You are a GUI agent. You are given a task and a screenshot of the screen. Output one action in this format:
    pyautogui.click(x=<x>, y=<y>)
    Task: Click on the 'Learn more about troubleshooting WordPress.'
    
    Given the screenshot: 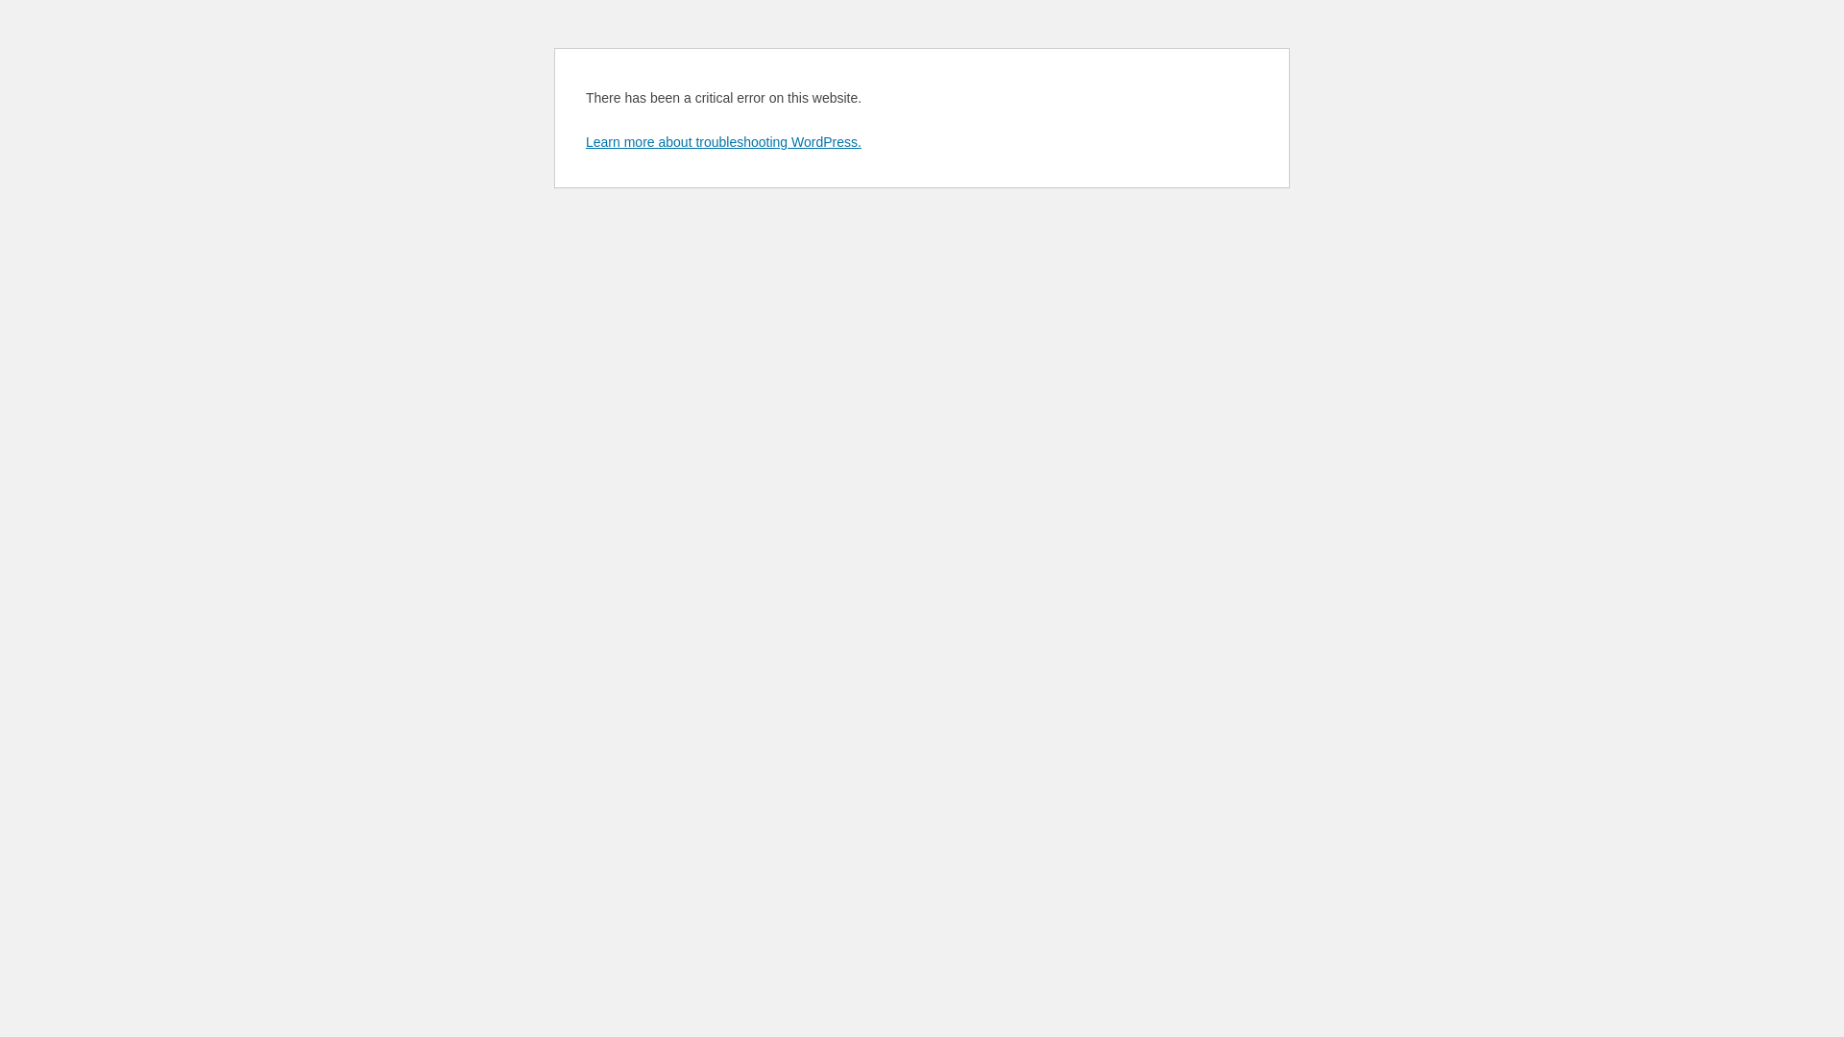 What is the action you would take?
    pyautogui.click(x=722, y=140)
    